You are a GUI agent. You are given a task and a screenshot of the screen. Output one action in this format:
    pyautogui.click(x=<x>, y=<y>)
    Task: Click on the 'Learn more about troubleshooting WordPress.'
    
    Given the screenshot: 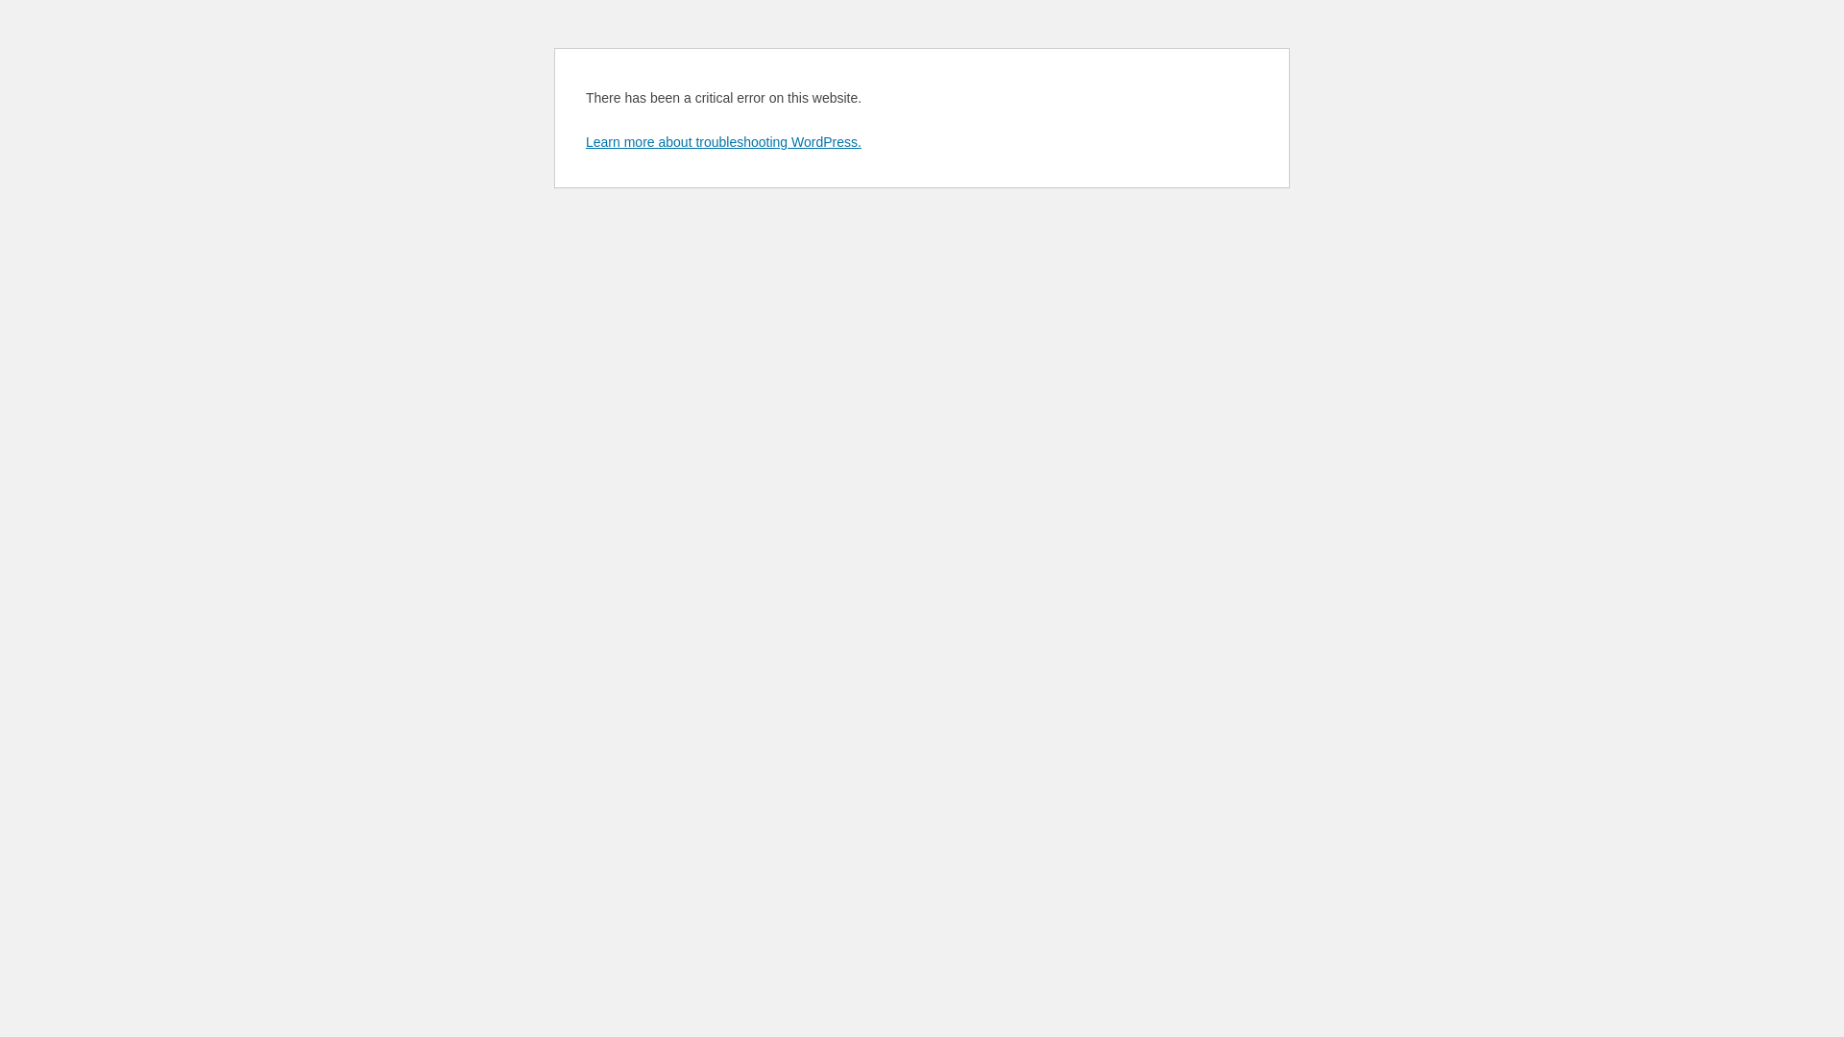 What is the action you would take?
    pyautogui.click(x=722, y=140)
    